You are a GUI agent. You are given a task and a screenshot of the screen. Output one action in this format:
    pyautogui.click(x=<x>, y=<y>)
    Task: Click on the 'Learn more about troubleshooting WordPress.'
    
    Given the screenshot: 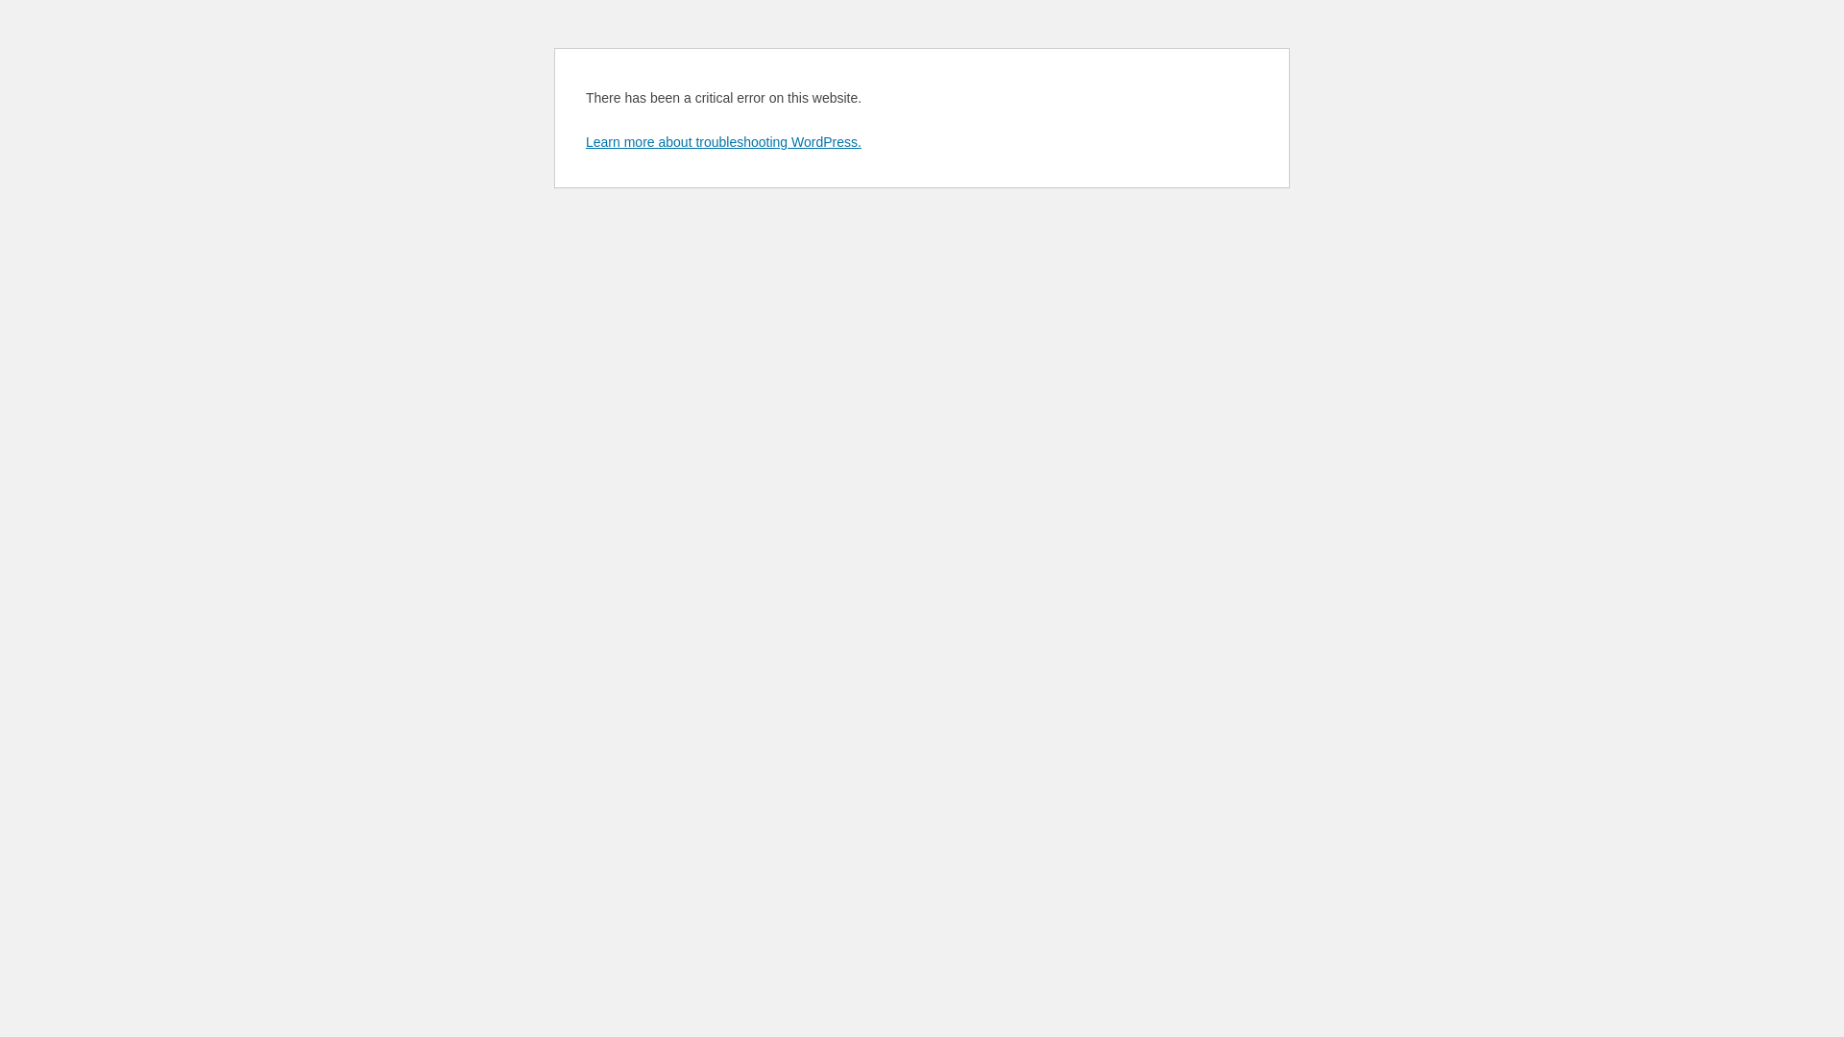 What is the action you would take?
    pyautogui.click(x=722, y=140)
    